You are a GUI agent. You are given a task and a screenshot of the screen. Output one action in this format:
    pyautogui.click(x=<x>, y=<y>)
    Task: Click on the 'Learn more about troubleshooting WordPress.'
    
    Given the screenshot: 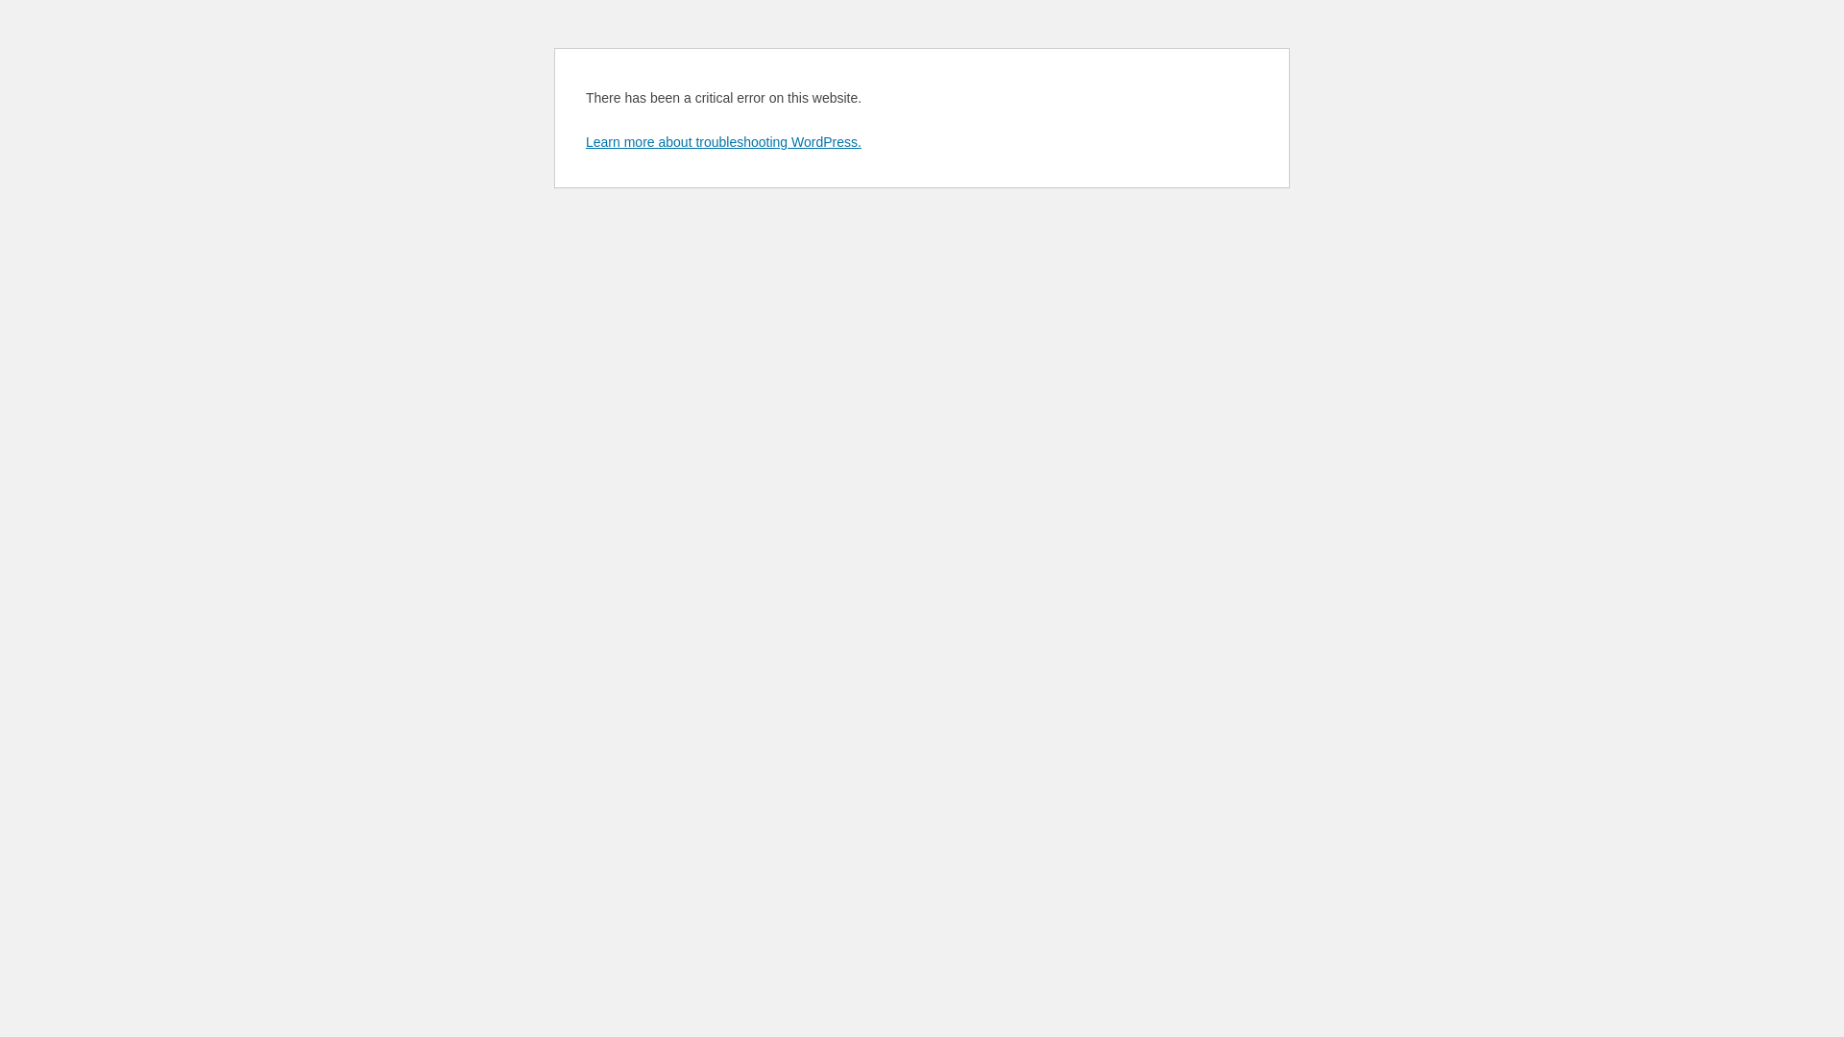 What is the action you would take?
    pyautogui.click(x=722, y=140)
    